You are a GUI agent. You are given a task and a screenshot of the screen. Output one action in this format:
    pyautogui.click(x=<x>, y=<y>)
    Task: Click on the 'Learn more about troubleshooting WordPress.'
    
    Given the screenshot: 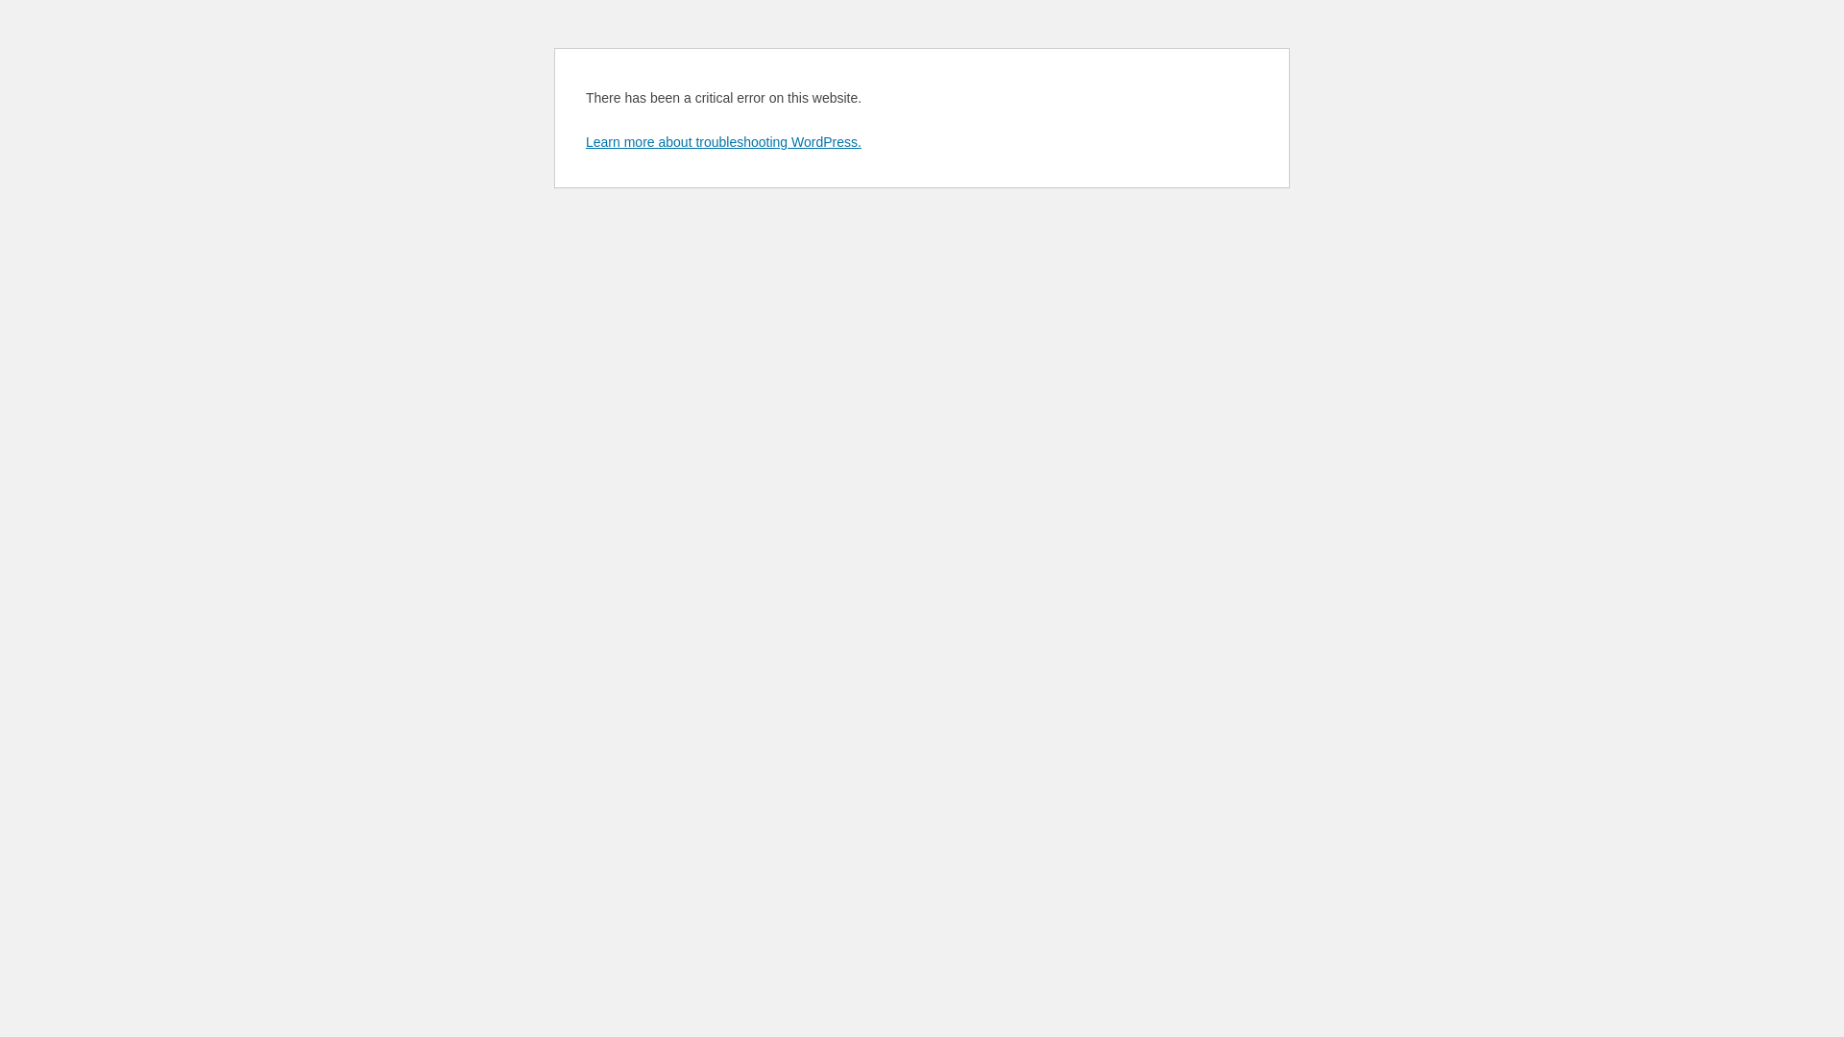 What is the action you would take?
    pyautogui.click(x=722, y=140)
    